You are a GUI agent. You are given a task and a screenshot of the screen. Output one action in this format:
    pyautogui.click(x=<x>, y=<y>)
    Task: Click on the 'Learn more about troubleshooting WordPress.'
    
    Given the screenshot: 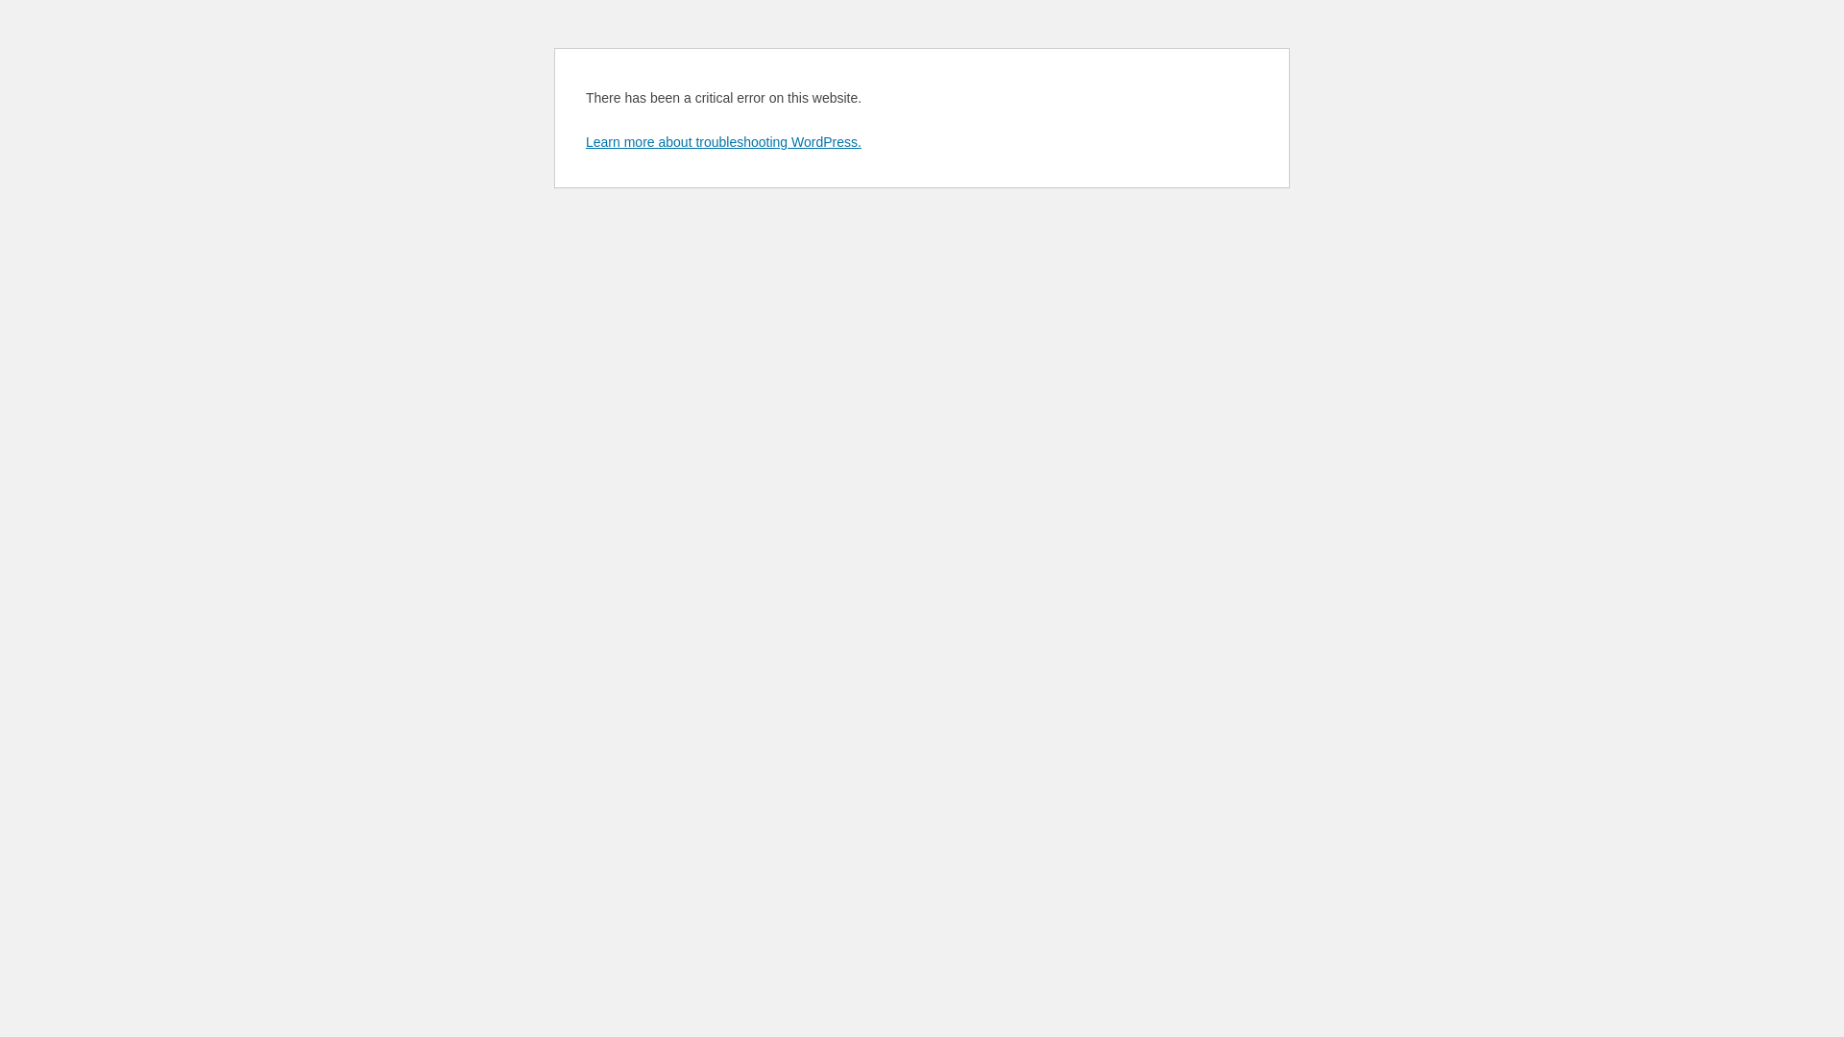 What is the action you would take?
    pyautogui.click(x=722, y=140)
    